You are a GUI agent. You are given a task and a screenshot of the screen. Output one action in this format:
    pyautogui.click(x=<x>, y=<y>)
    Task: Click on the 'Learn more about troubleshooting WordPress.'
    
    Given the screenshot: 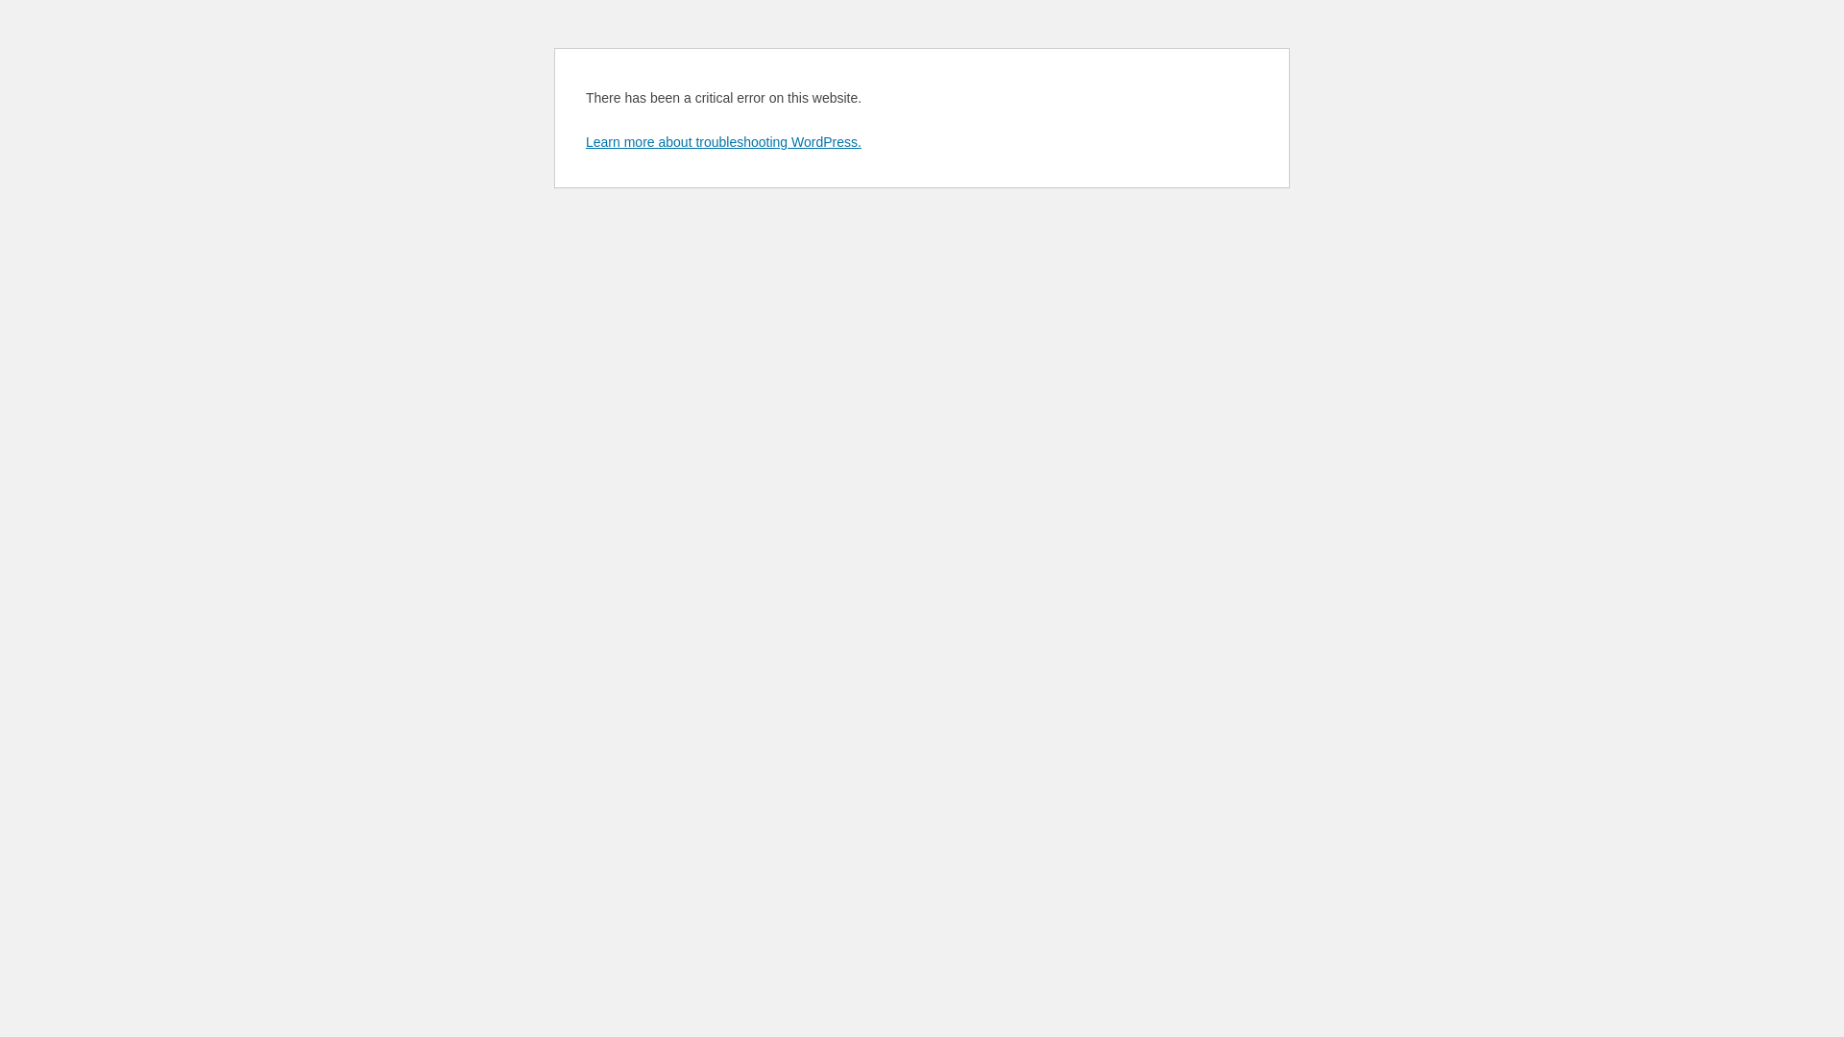 What is the action you would take?
    pyautogui.click(x=722, y=140)
    